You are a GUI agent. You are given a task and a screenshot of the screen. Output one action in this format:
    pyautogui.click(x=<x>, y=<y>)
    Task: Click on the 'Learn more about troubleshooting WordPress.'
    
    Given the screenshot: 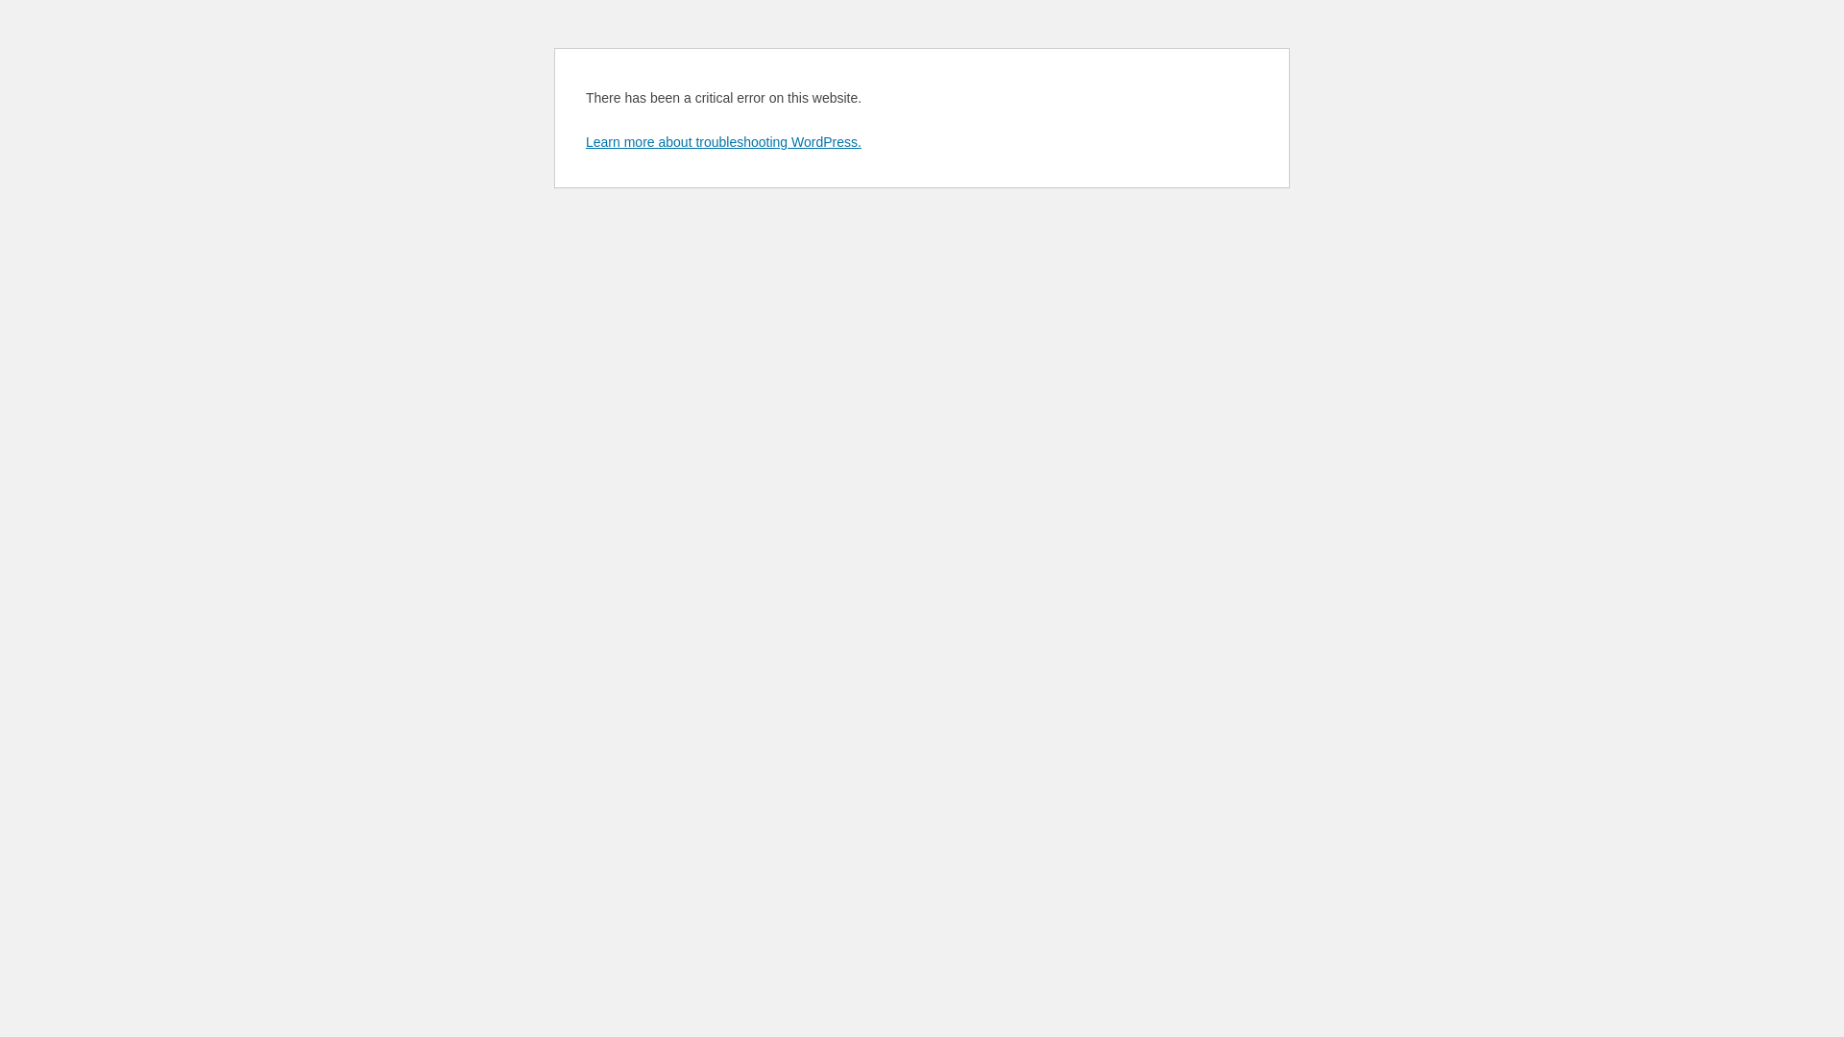 What is the action you would take?
    pyautogui.click(x=722, y=140)
    